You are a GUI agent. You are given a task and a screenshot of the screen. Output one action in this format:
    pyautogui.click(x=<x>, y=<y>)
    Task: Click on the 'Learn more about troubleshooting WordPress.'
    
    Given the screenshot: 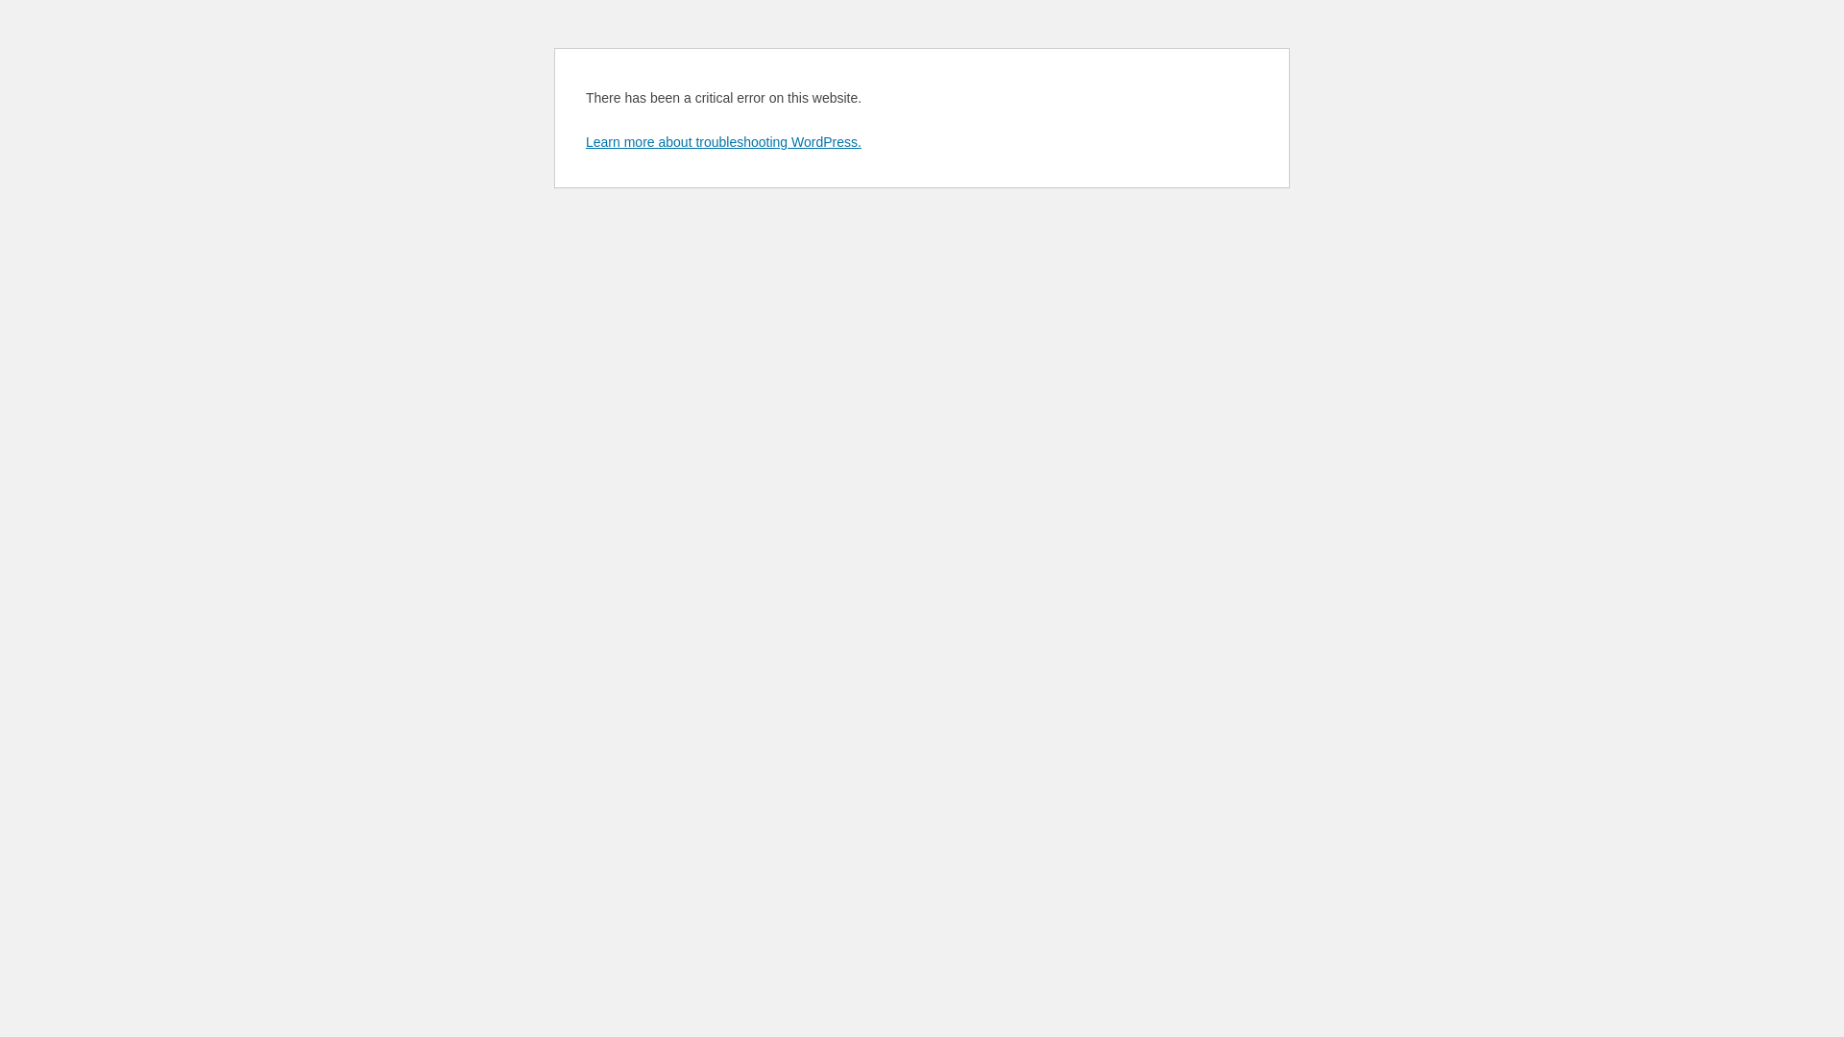 What is the action you would take?
    pyautogui.click(x=722, y=140)
    